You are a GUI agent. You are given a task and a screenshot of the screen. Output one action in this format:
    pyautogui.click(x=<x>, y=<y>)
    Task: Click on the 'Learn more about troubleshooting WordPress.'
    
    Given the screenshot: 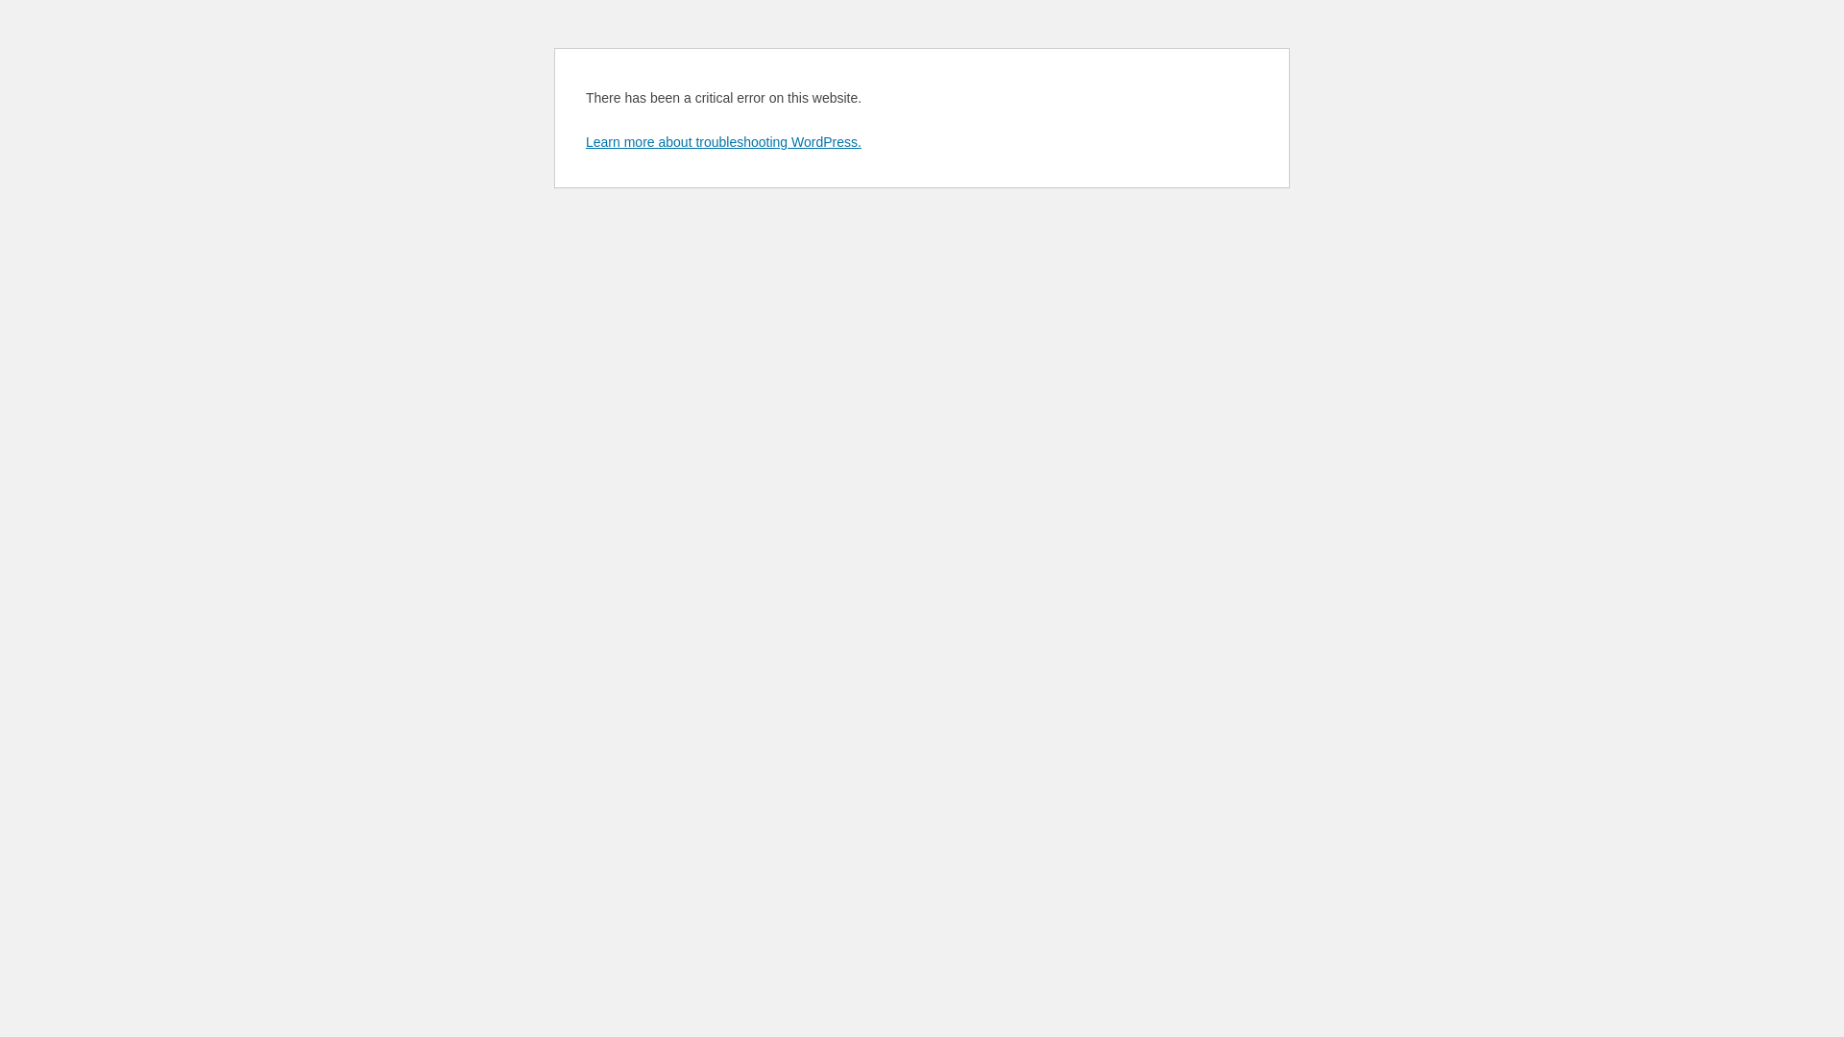 What is the action you would take?
    pyautogui.click(x=722, y=140)
    